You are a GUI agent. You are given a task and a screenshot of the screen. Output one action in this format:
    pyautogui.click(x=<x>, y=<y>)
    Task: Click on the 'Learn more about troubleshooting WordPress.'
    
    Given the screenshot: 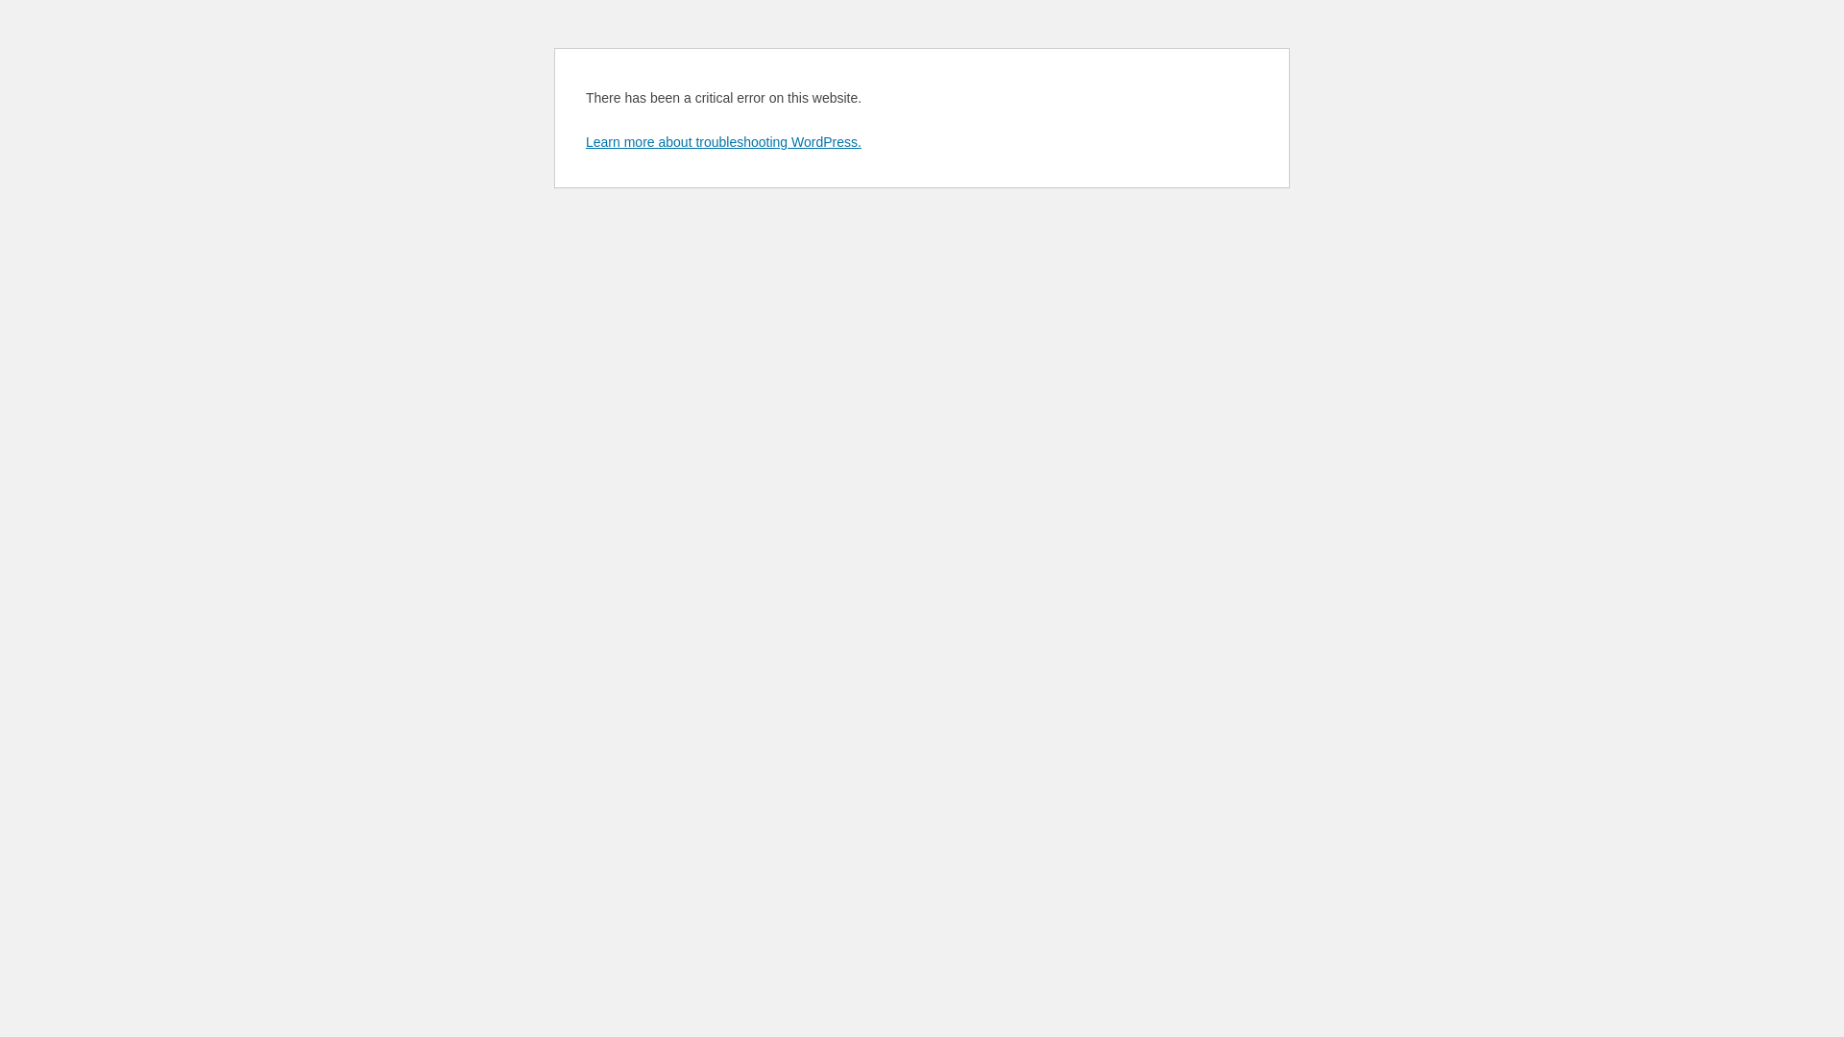 What is the action you would take?
    pyautogui.click(x=722, y=140)
    